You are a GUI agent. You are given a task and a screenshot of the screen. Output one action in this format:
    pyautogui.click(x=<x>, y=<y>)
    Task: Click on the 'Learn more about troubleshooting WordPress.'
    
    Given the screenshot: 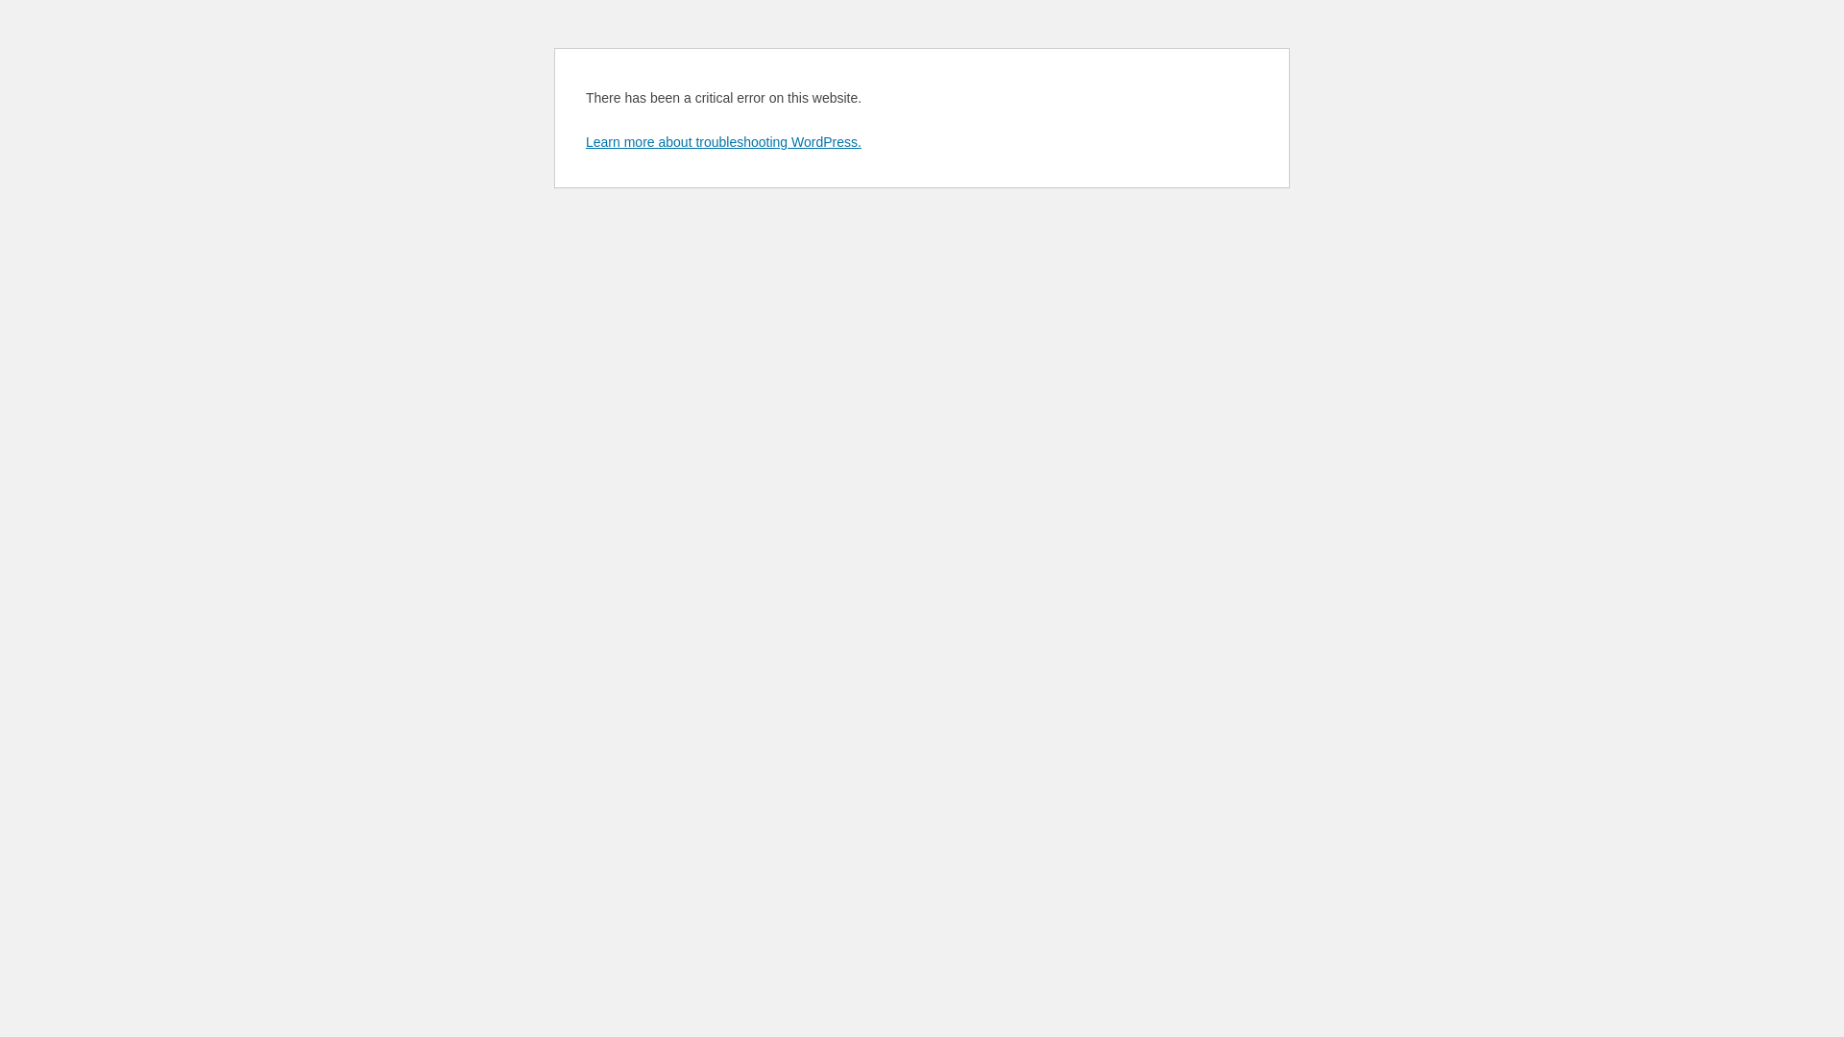 What is the action you would take?
    pyautogui.click(x=722, y=140)
    